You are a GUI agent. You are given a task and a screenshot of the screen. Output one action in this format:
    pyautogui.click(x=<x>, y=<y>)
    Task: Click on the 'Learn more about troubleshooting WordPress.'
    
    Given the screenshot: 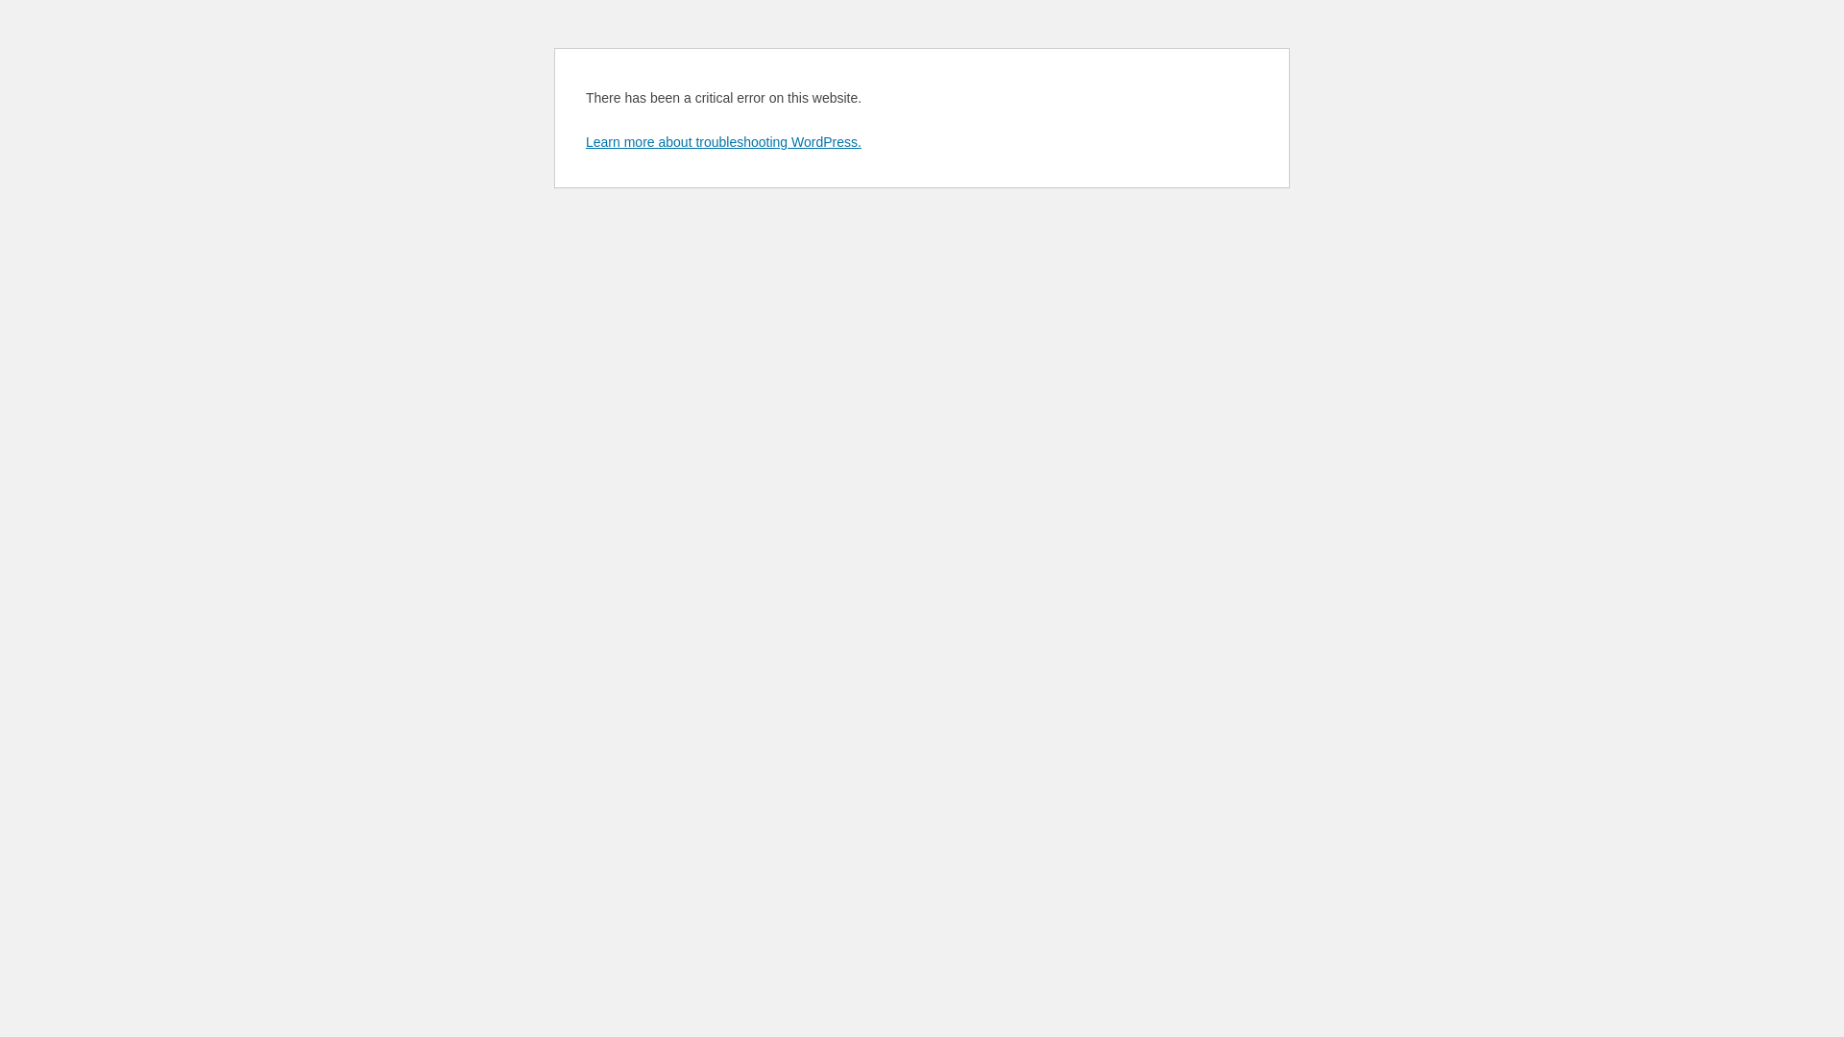 What is the action you would take?
    pyautogui.click(x=722, y=140)
    